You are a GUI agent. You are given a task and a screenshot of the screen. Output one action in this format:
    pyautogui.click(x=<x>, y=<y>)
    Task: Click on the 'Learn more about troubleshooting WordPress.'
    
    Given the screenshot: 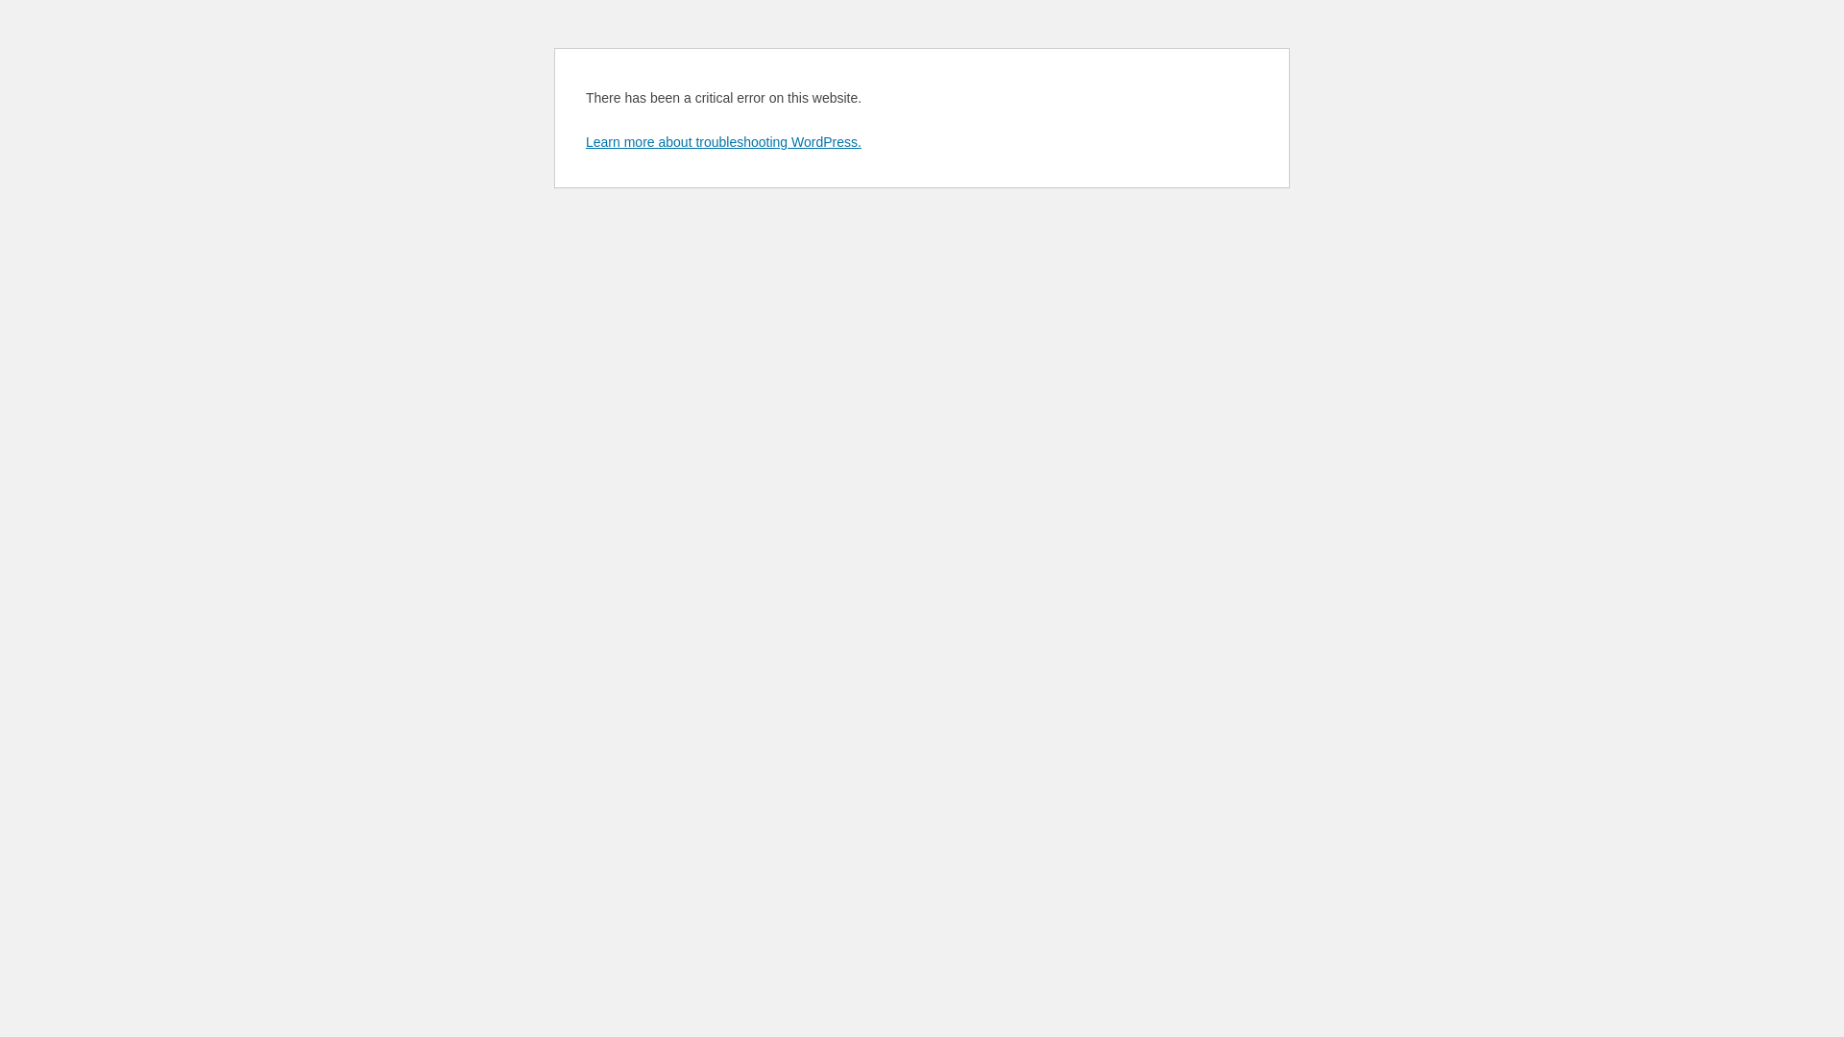 What is the action you would take?
    pyautogui.click(x=722, y=140)
    